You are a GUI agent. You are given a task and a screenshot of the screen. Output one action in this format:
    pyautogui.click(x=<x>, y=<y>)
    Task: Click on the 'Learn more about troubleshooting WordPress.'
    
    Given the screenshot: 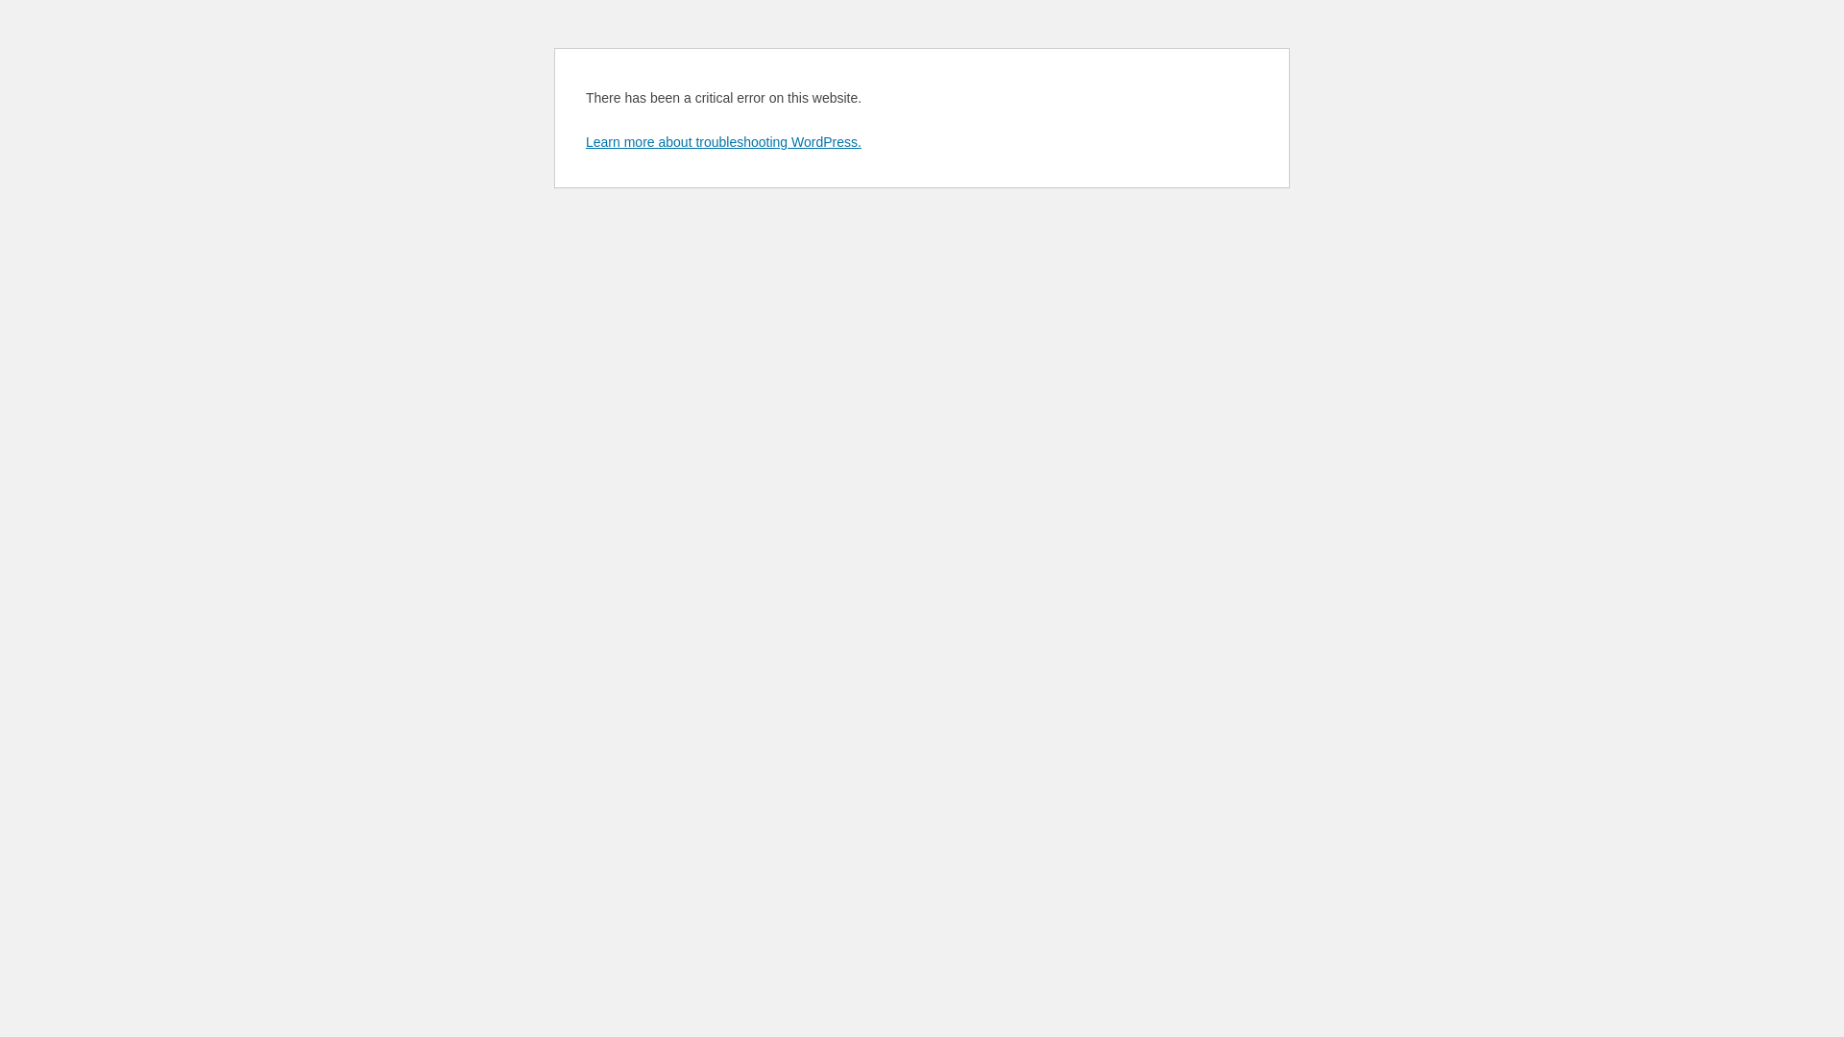 What is the action you would take?
    pyautogui.click(x=722, y=140)
    